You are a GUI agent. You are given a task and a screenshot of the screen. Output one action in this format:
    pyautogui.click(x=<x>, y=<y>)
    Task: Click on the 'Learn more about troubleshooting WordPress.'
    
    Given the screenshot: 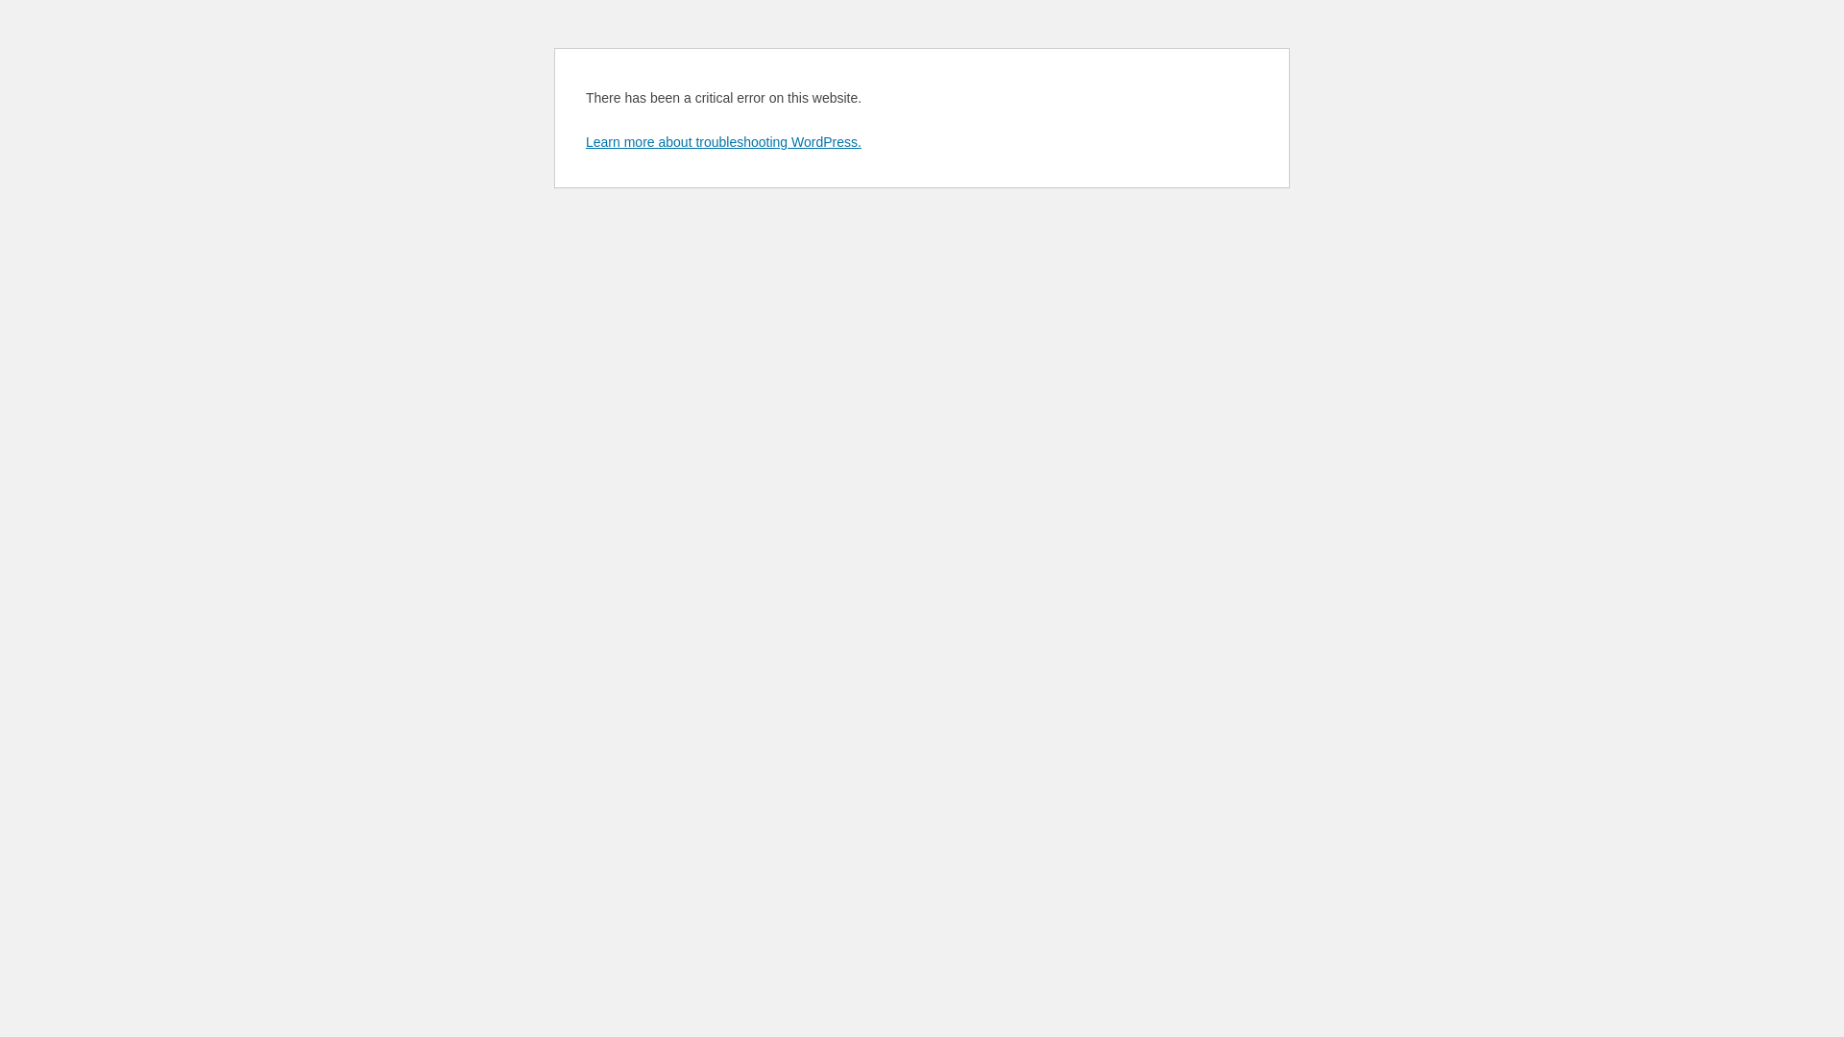 What is the action you would take?
    pyautogui.click(x=722, y=140)
    